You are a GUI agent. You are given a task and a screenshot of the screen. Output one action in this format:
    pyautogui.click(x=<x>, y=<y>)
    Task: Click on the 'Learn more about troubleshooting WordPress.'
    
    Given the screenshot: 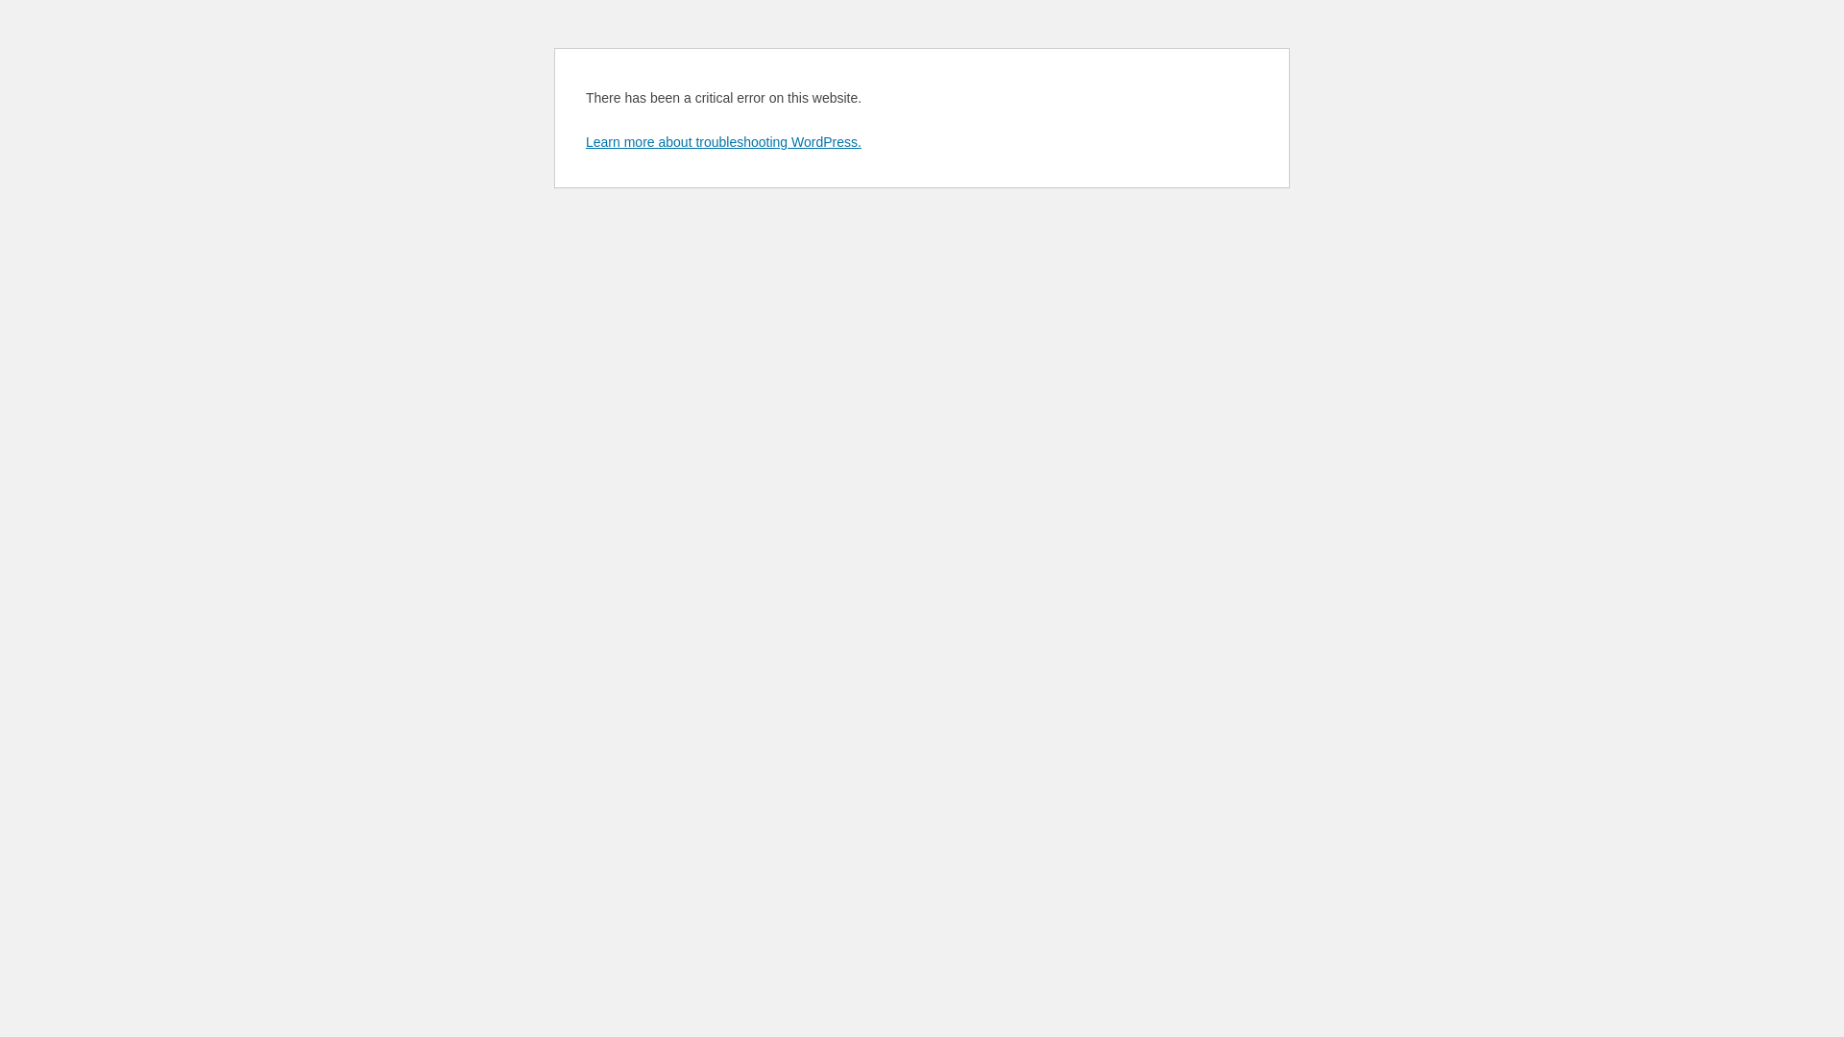 What is the action you would take?
    pyautogui.click(x=722, y=140)
    